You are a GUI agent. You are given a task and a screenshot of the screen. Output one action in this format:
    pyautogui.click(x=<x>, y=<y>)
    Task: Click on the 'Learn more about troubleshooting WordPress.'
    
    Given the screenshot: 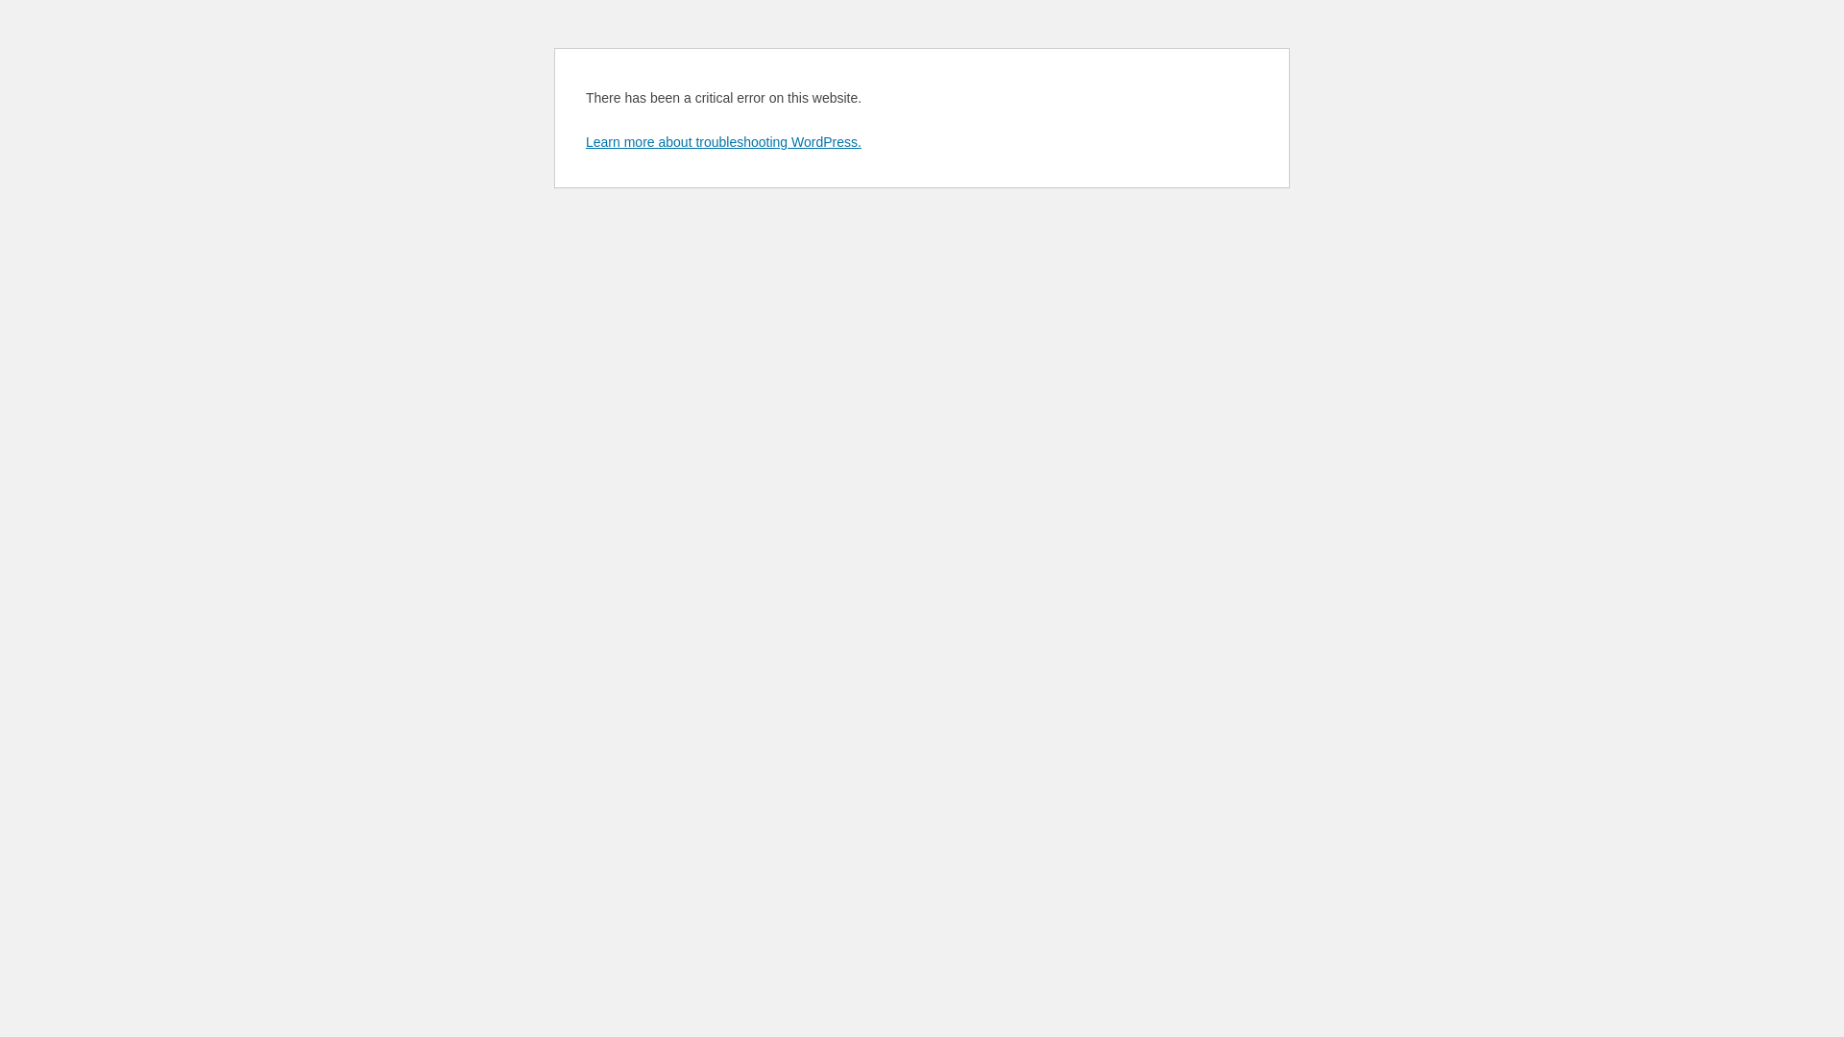 What is the action you would take?
    pyautogui.click(x=722, y=140)
    